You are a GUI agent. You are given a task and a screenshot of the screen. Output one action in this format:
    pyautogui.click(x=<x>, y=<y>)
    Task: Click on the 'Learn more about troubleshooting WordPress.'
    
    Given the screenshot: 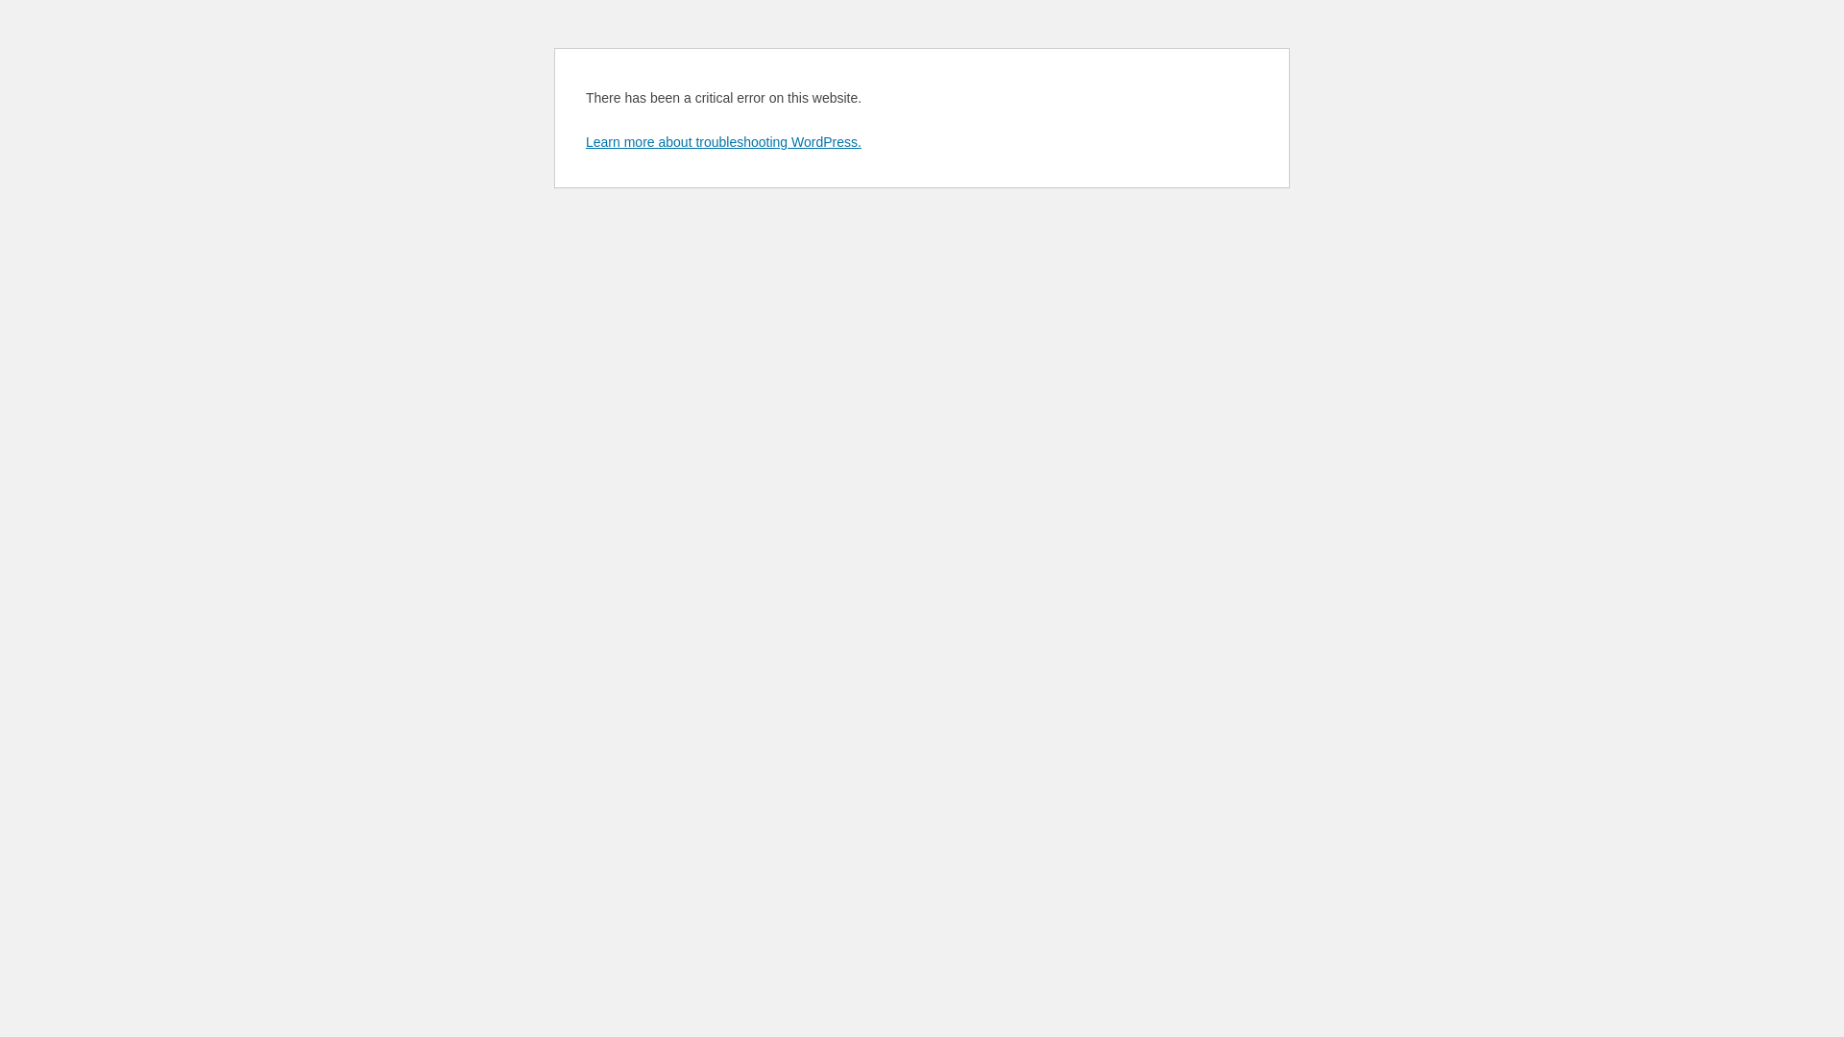 What is the action you would take?
    pyautogui.click(x=722, y=140)
    